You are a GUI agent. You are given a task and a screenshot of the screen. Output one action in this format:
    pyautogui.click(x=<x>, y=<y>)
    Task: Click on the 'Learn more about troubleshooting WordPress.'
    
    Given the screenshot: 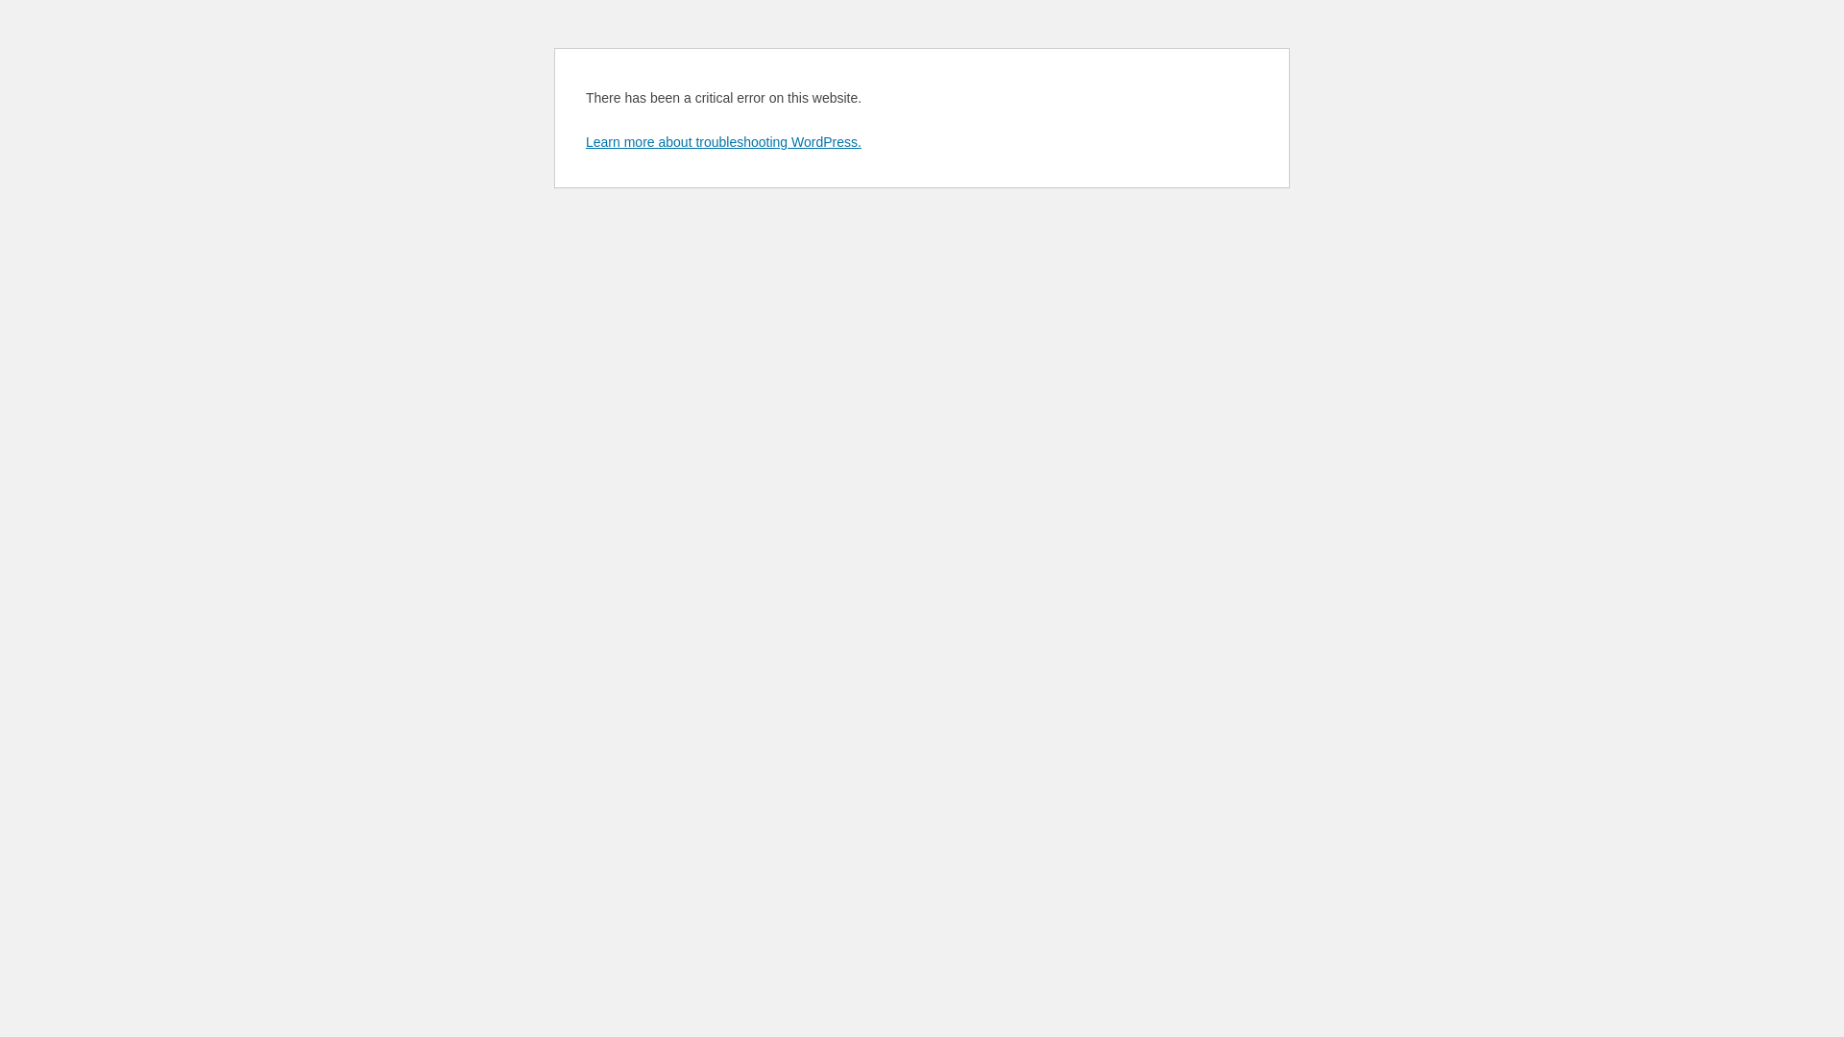 What is the action you would take?
    pyautogui.click(x=722, y=140)
    